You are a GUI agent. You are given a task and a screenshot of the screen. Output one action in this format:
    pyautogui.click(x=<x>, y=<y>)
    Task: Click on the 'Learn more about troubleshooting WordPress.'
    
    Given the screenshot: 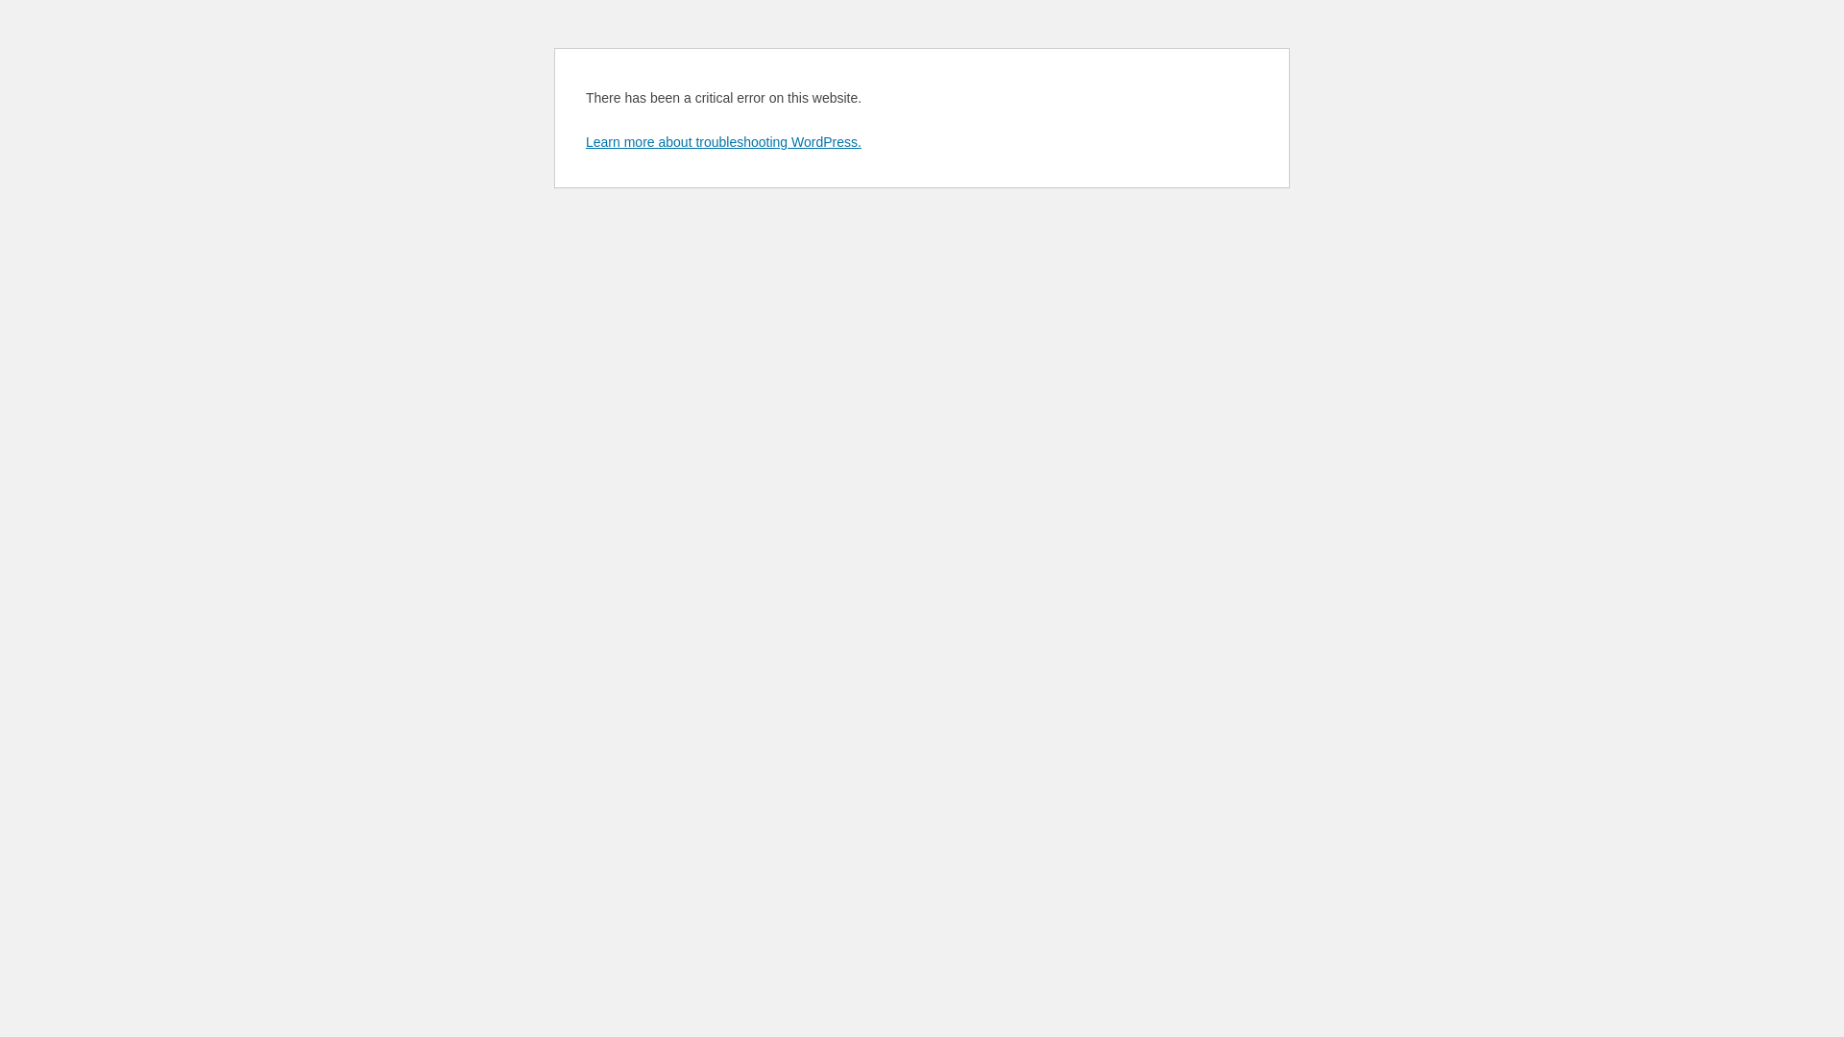 What is the action you would take?
    pyautogui.click(x=722, y=140)
    